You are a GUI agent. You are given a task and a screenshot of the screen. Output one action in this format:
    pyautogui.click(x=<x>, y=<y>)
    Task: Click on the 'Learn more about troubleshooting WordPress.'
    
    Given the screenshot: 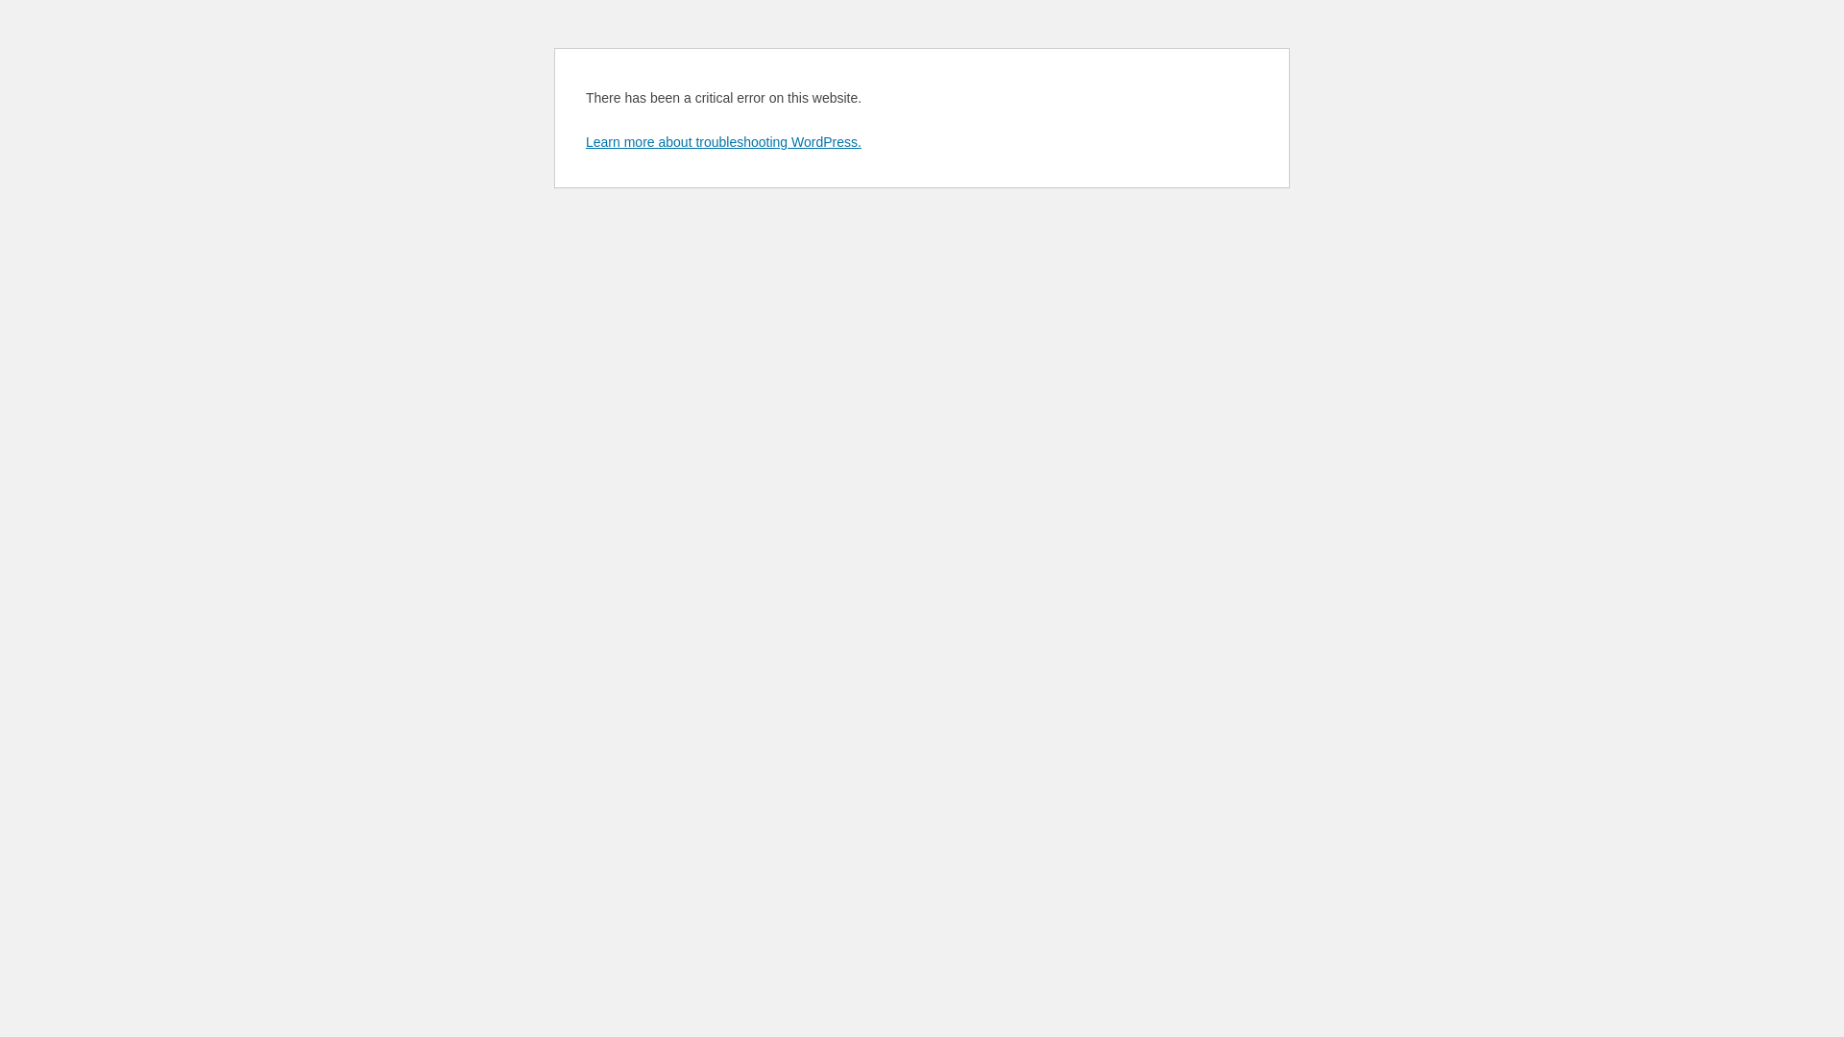 What is the action you would take?
    pyautogui.click(x=722, y=140)
    